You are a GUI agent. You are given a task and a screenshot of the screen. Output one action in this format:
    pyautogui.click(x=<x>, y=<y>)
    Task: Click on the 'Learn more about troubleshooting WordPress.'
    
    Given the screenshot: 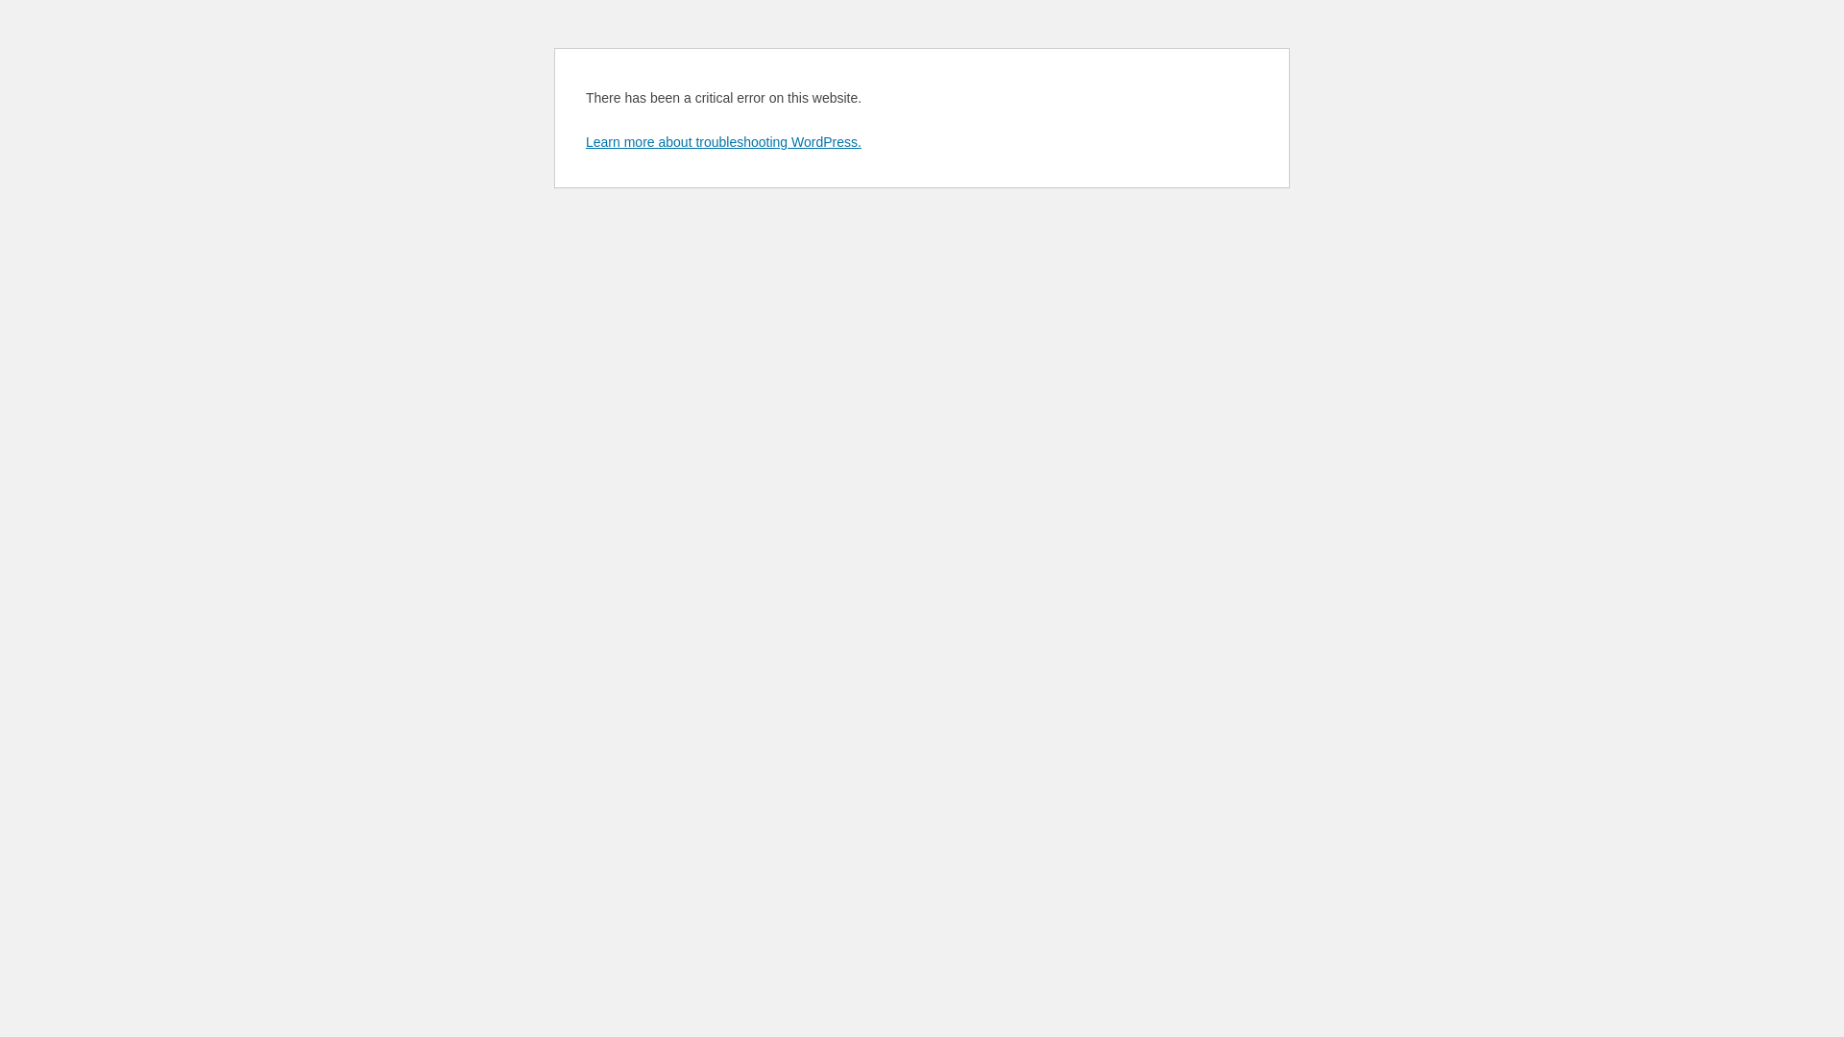 What is the action you would take?
    pyautogui.click(x=722, y=140)
    